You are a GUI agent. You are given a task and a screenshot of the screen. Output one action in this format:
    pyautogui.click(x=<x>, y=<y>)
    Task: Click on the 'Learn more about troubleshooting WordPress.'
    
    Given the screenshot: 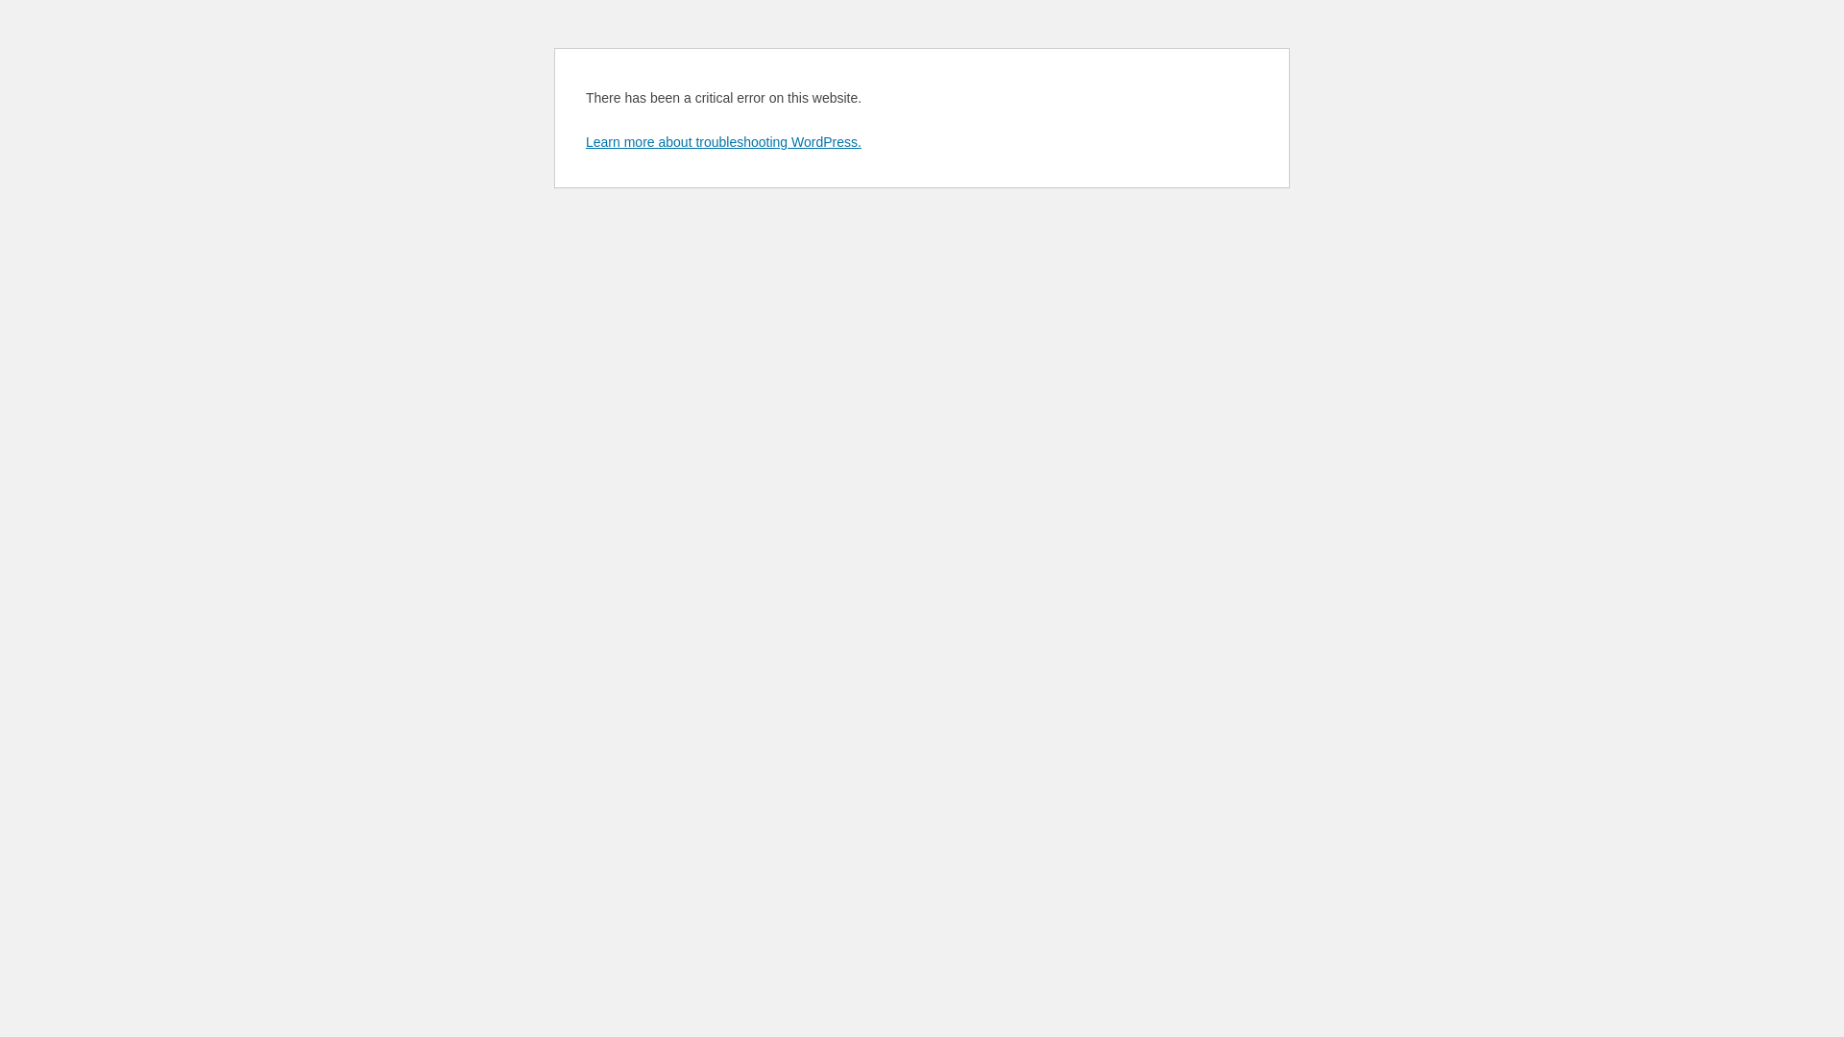 What is the action you would take?
    pyautogui.click(x=722, y=140)
    